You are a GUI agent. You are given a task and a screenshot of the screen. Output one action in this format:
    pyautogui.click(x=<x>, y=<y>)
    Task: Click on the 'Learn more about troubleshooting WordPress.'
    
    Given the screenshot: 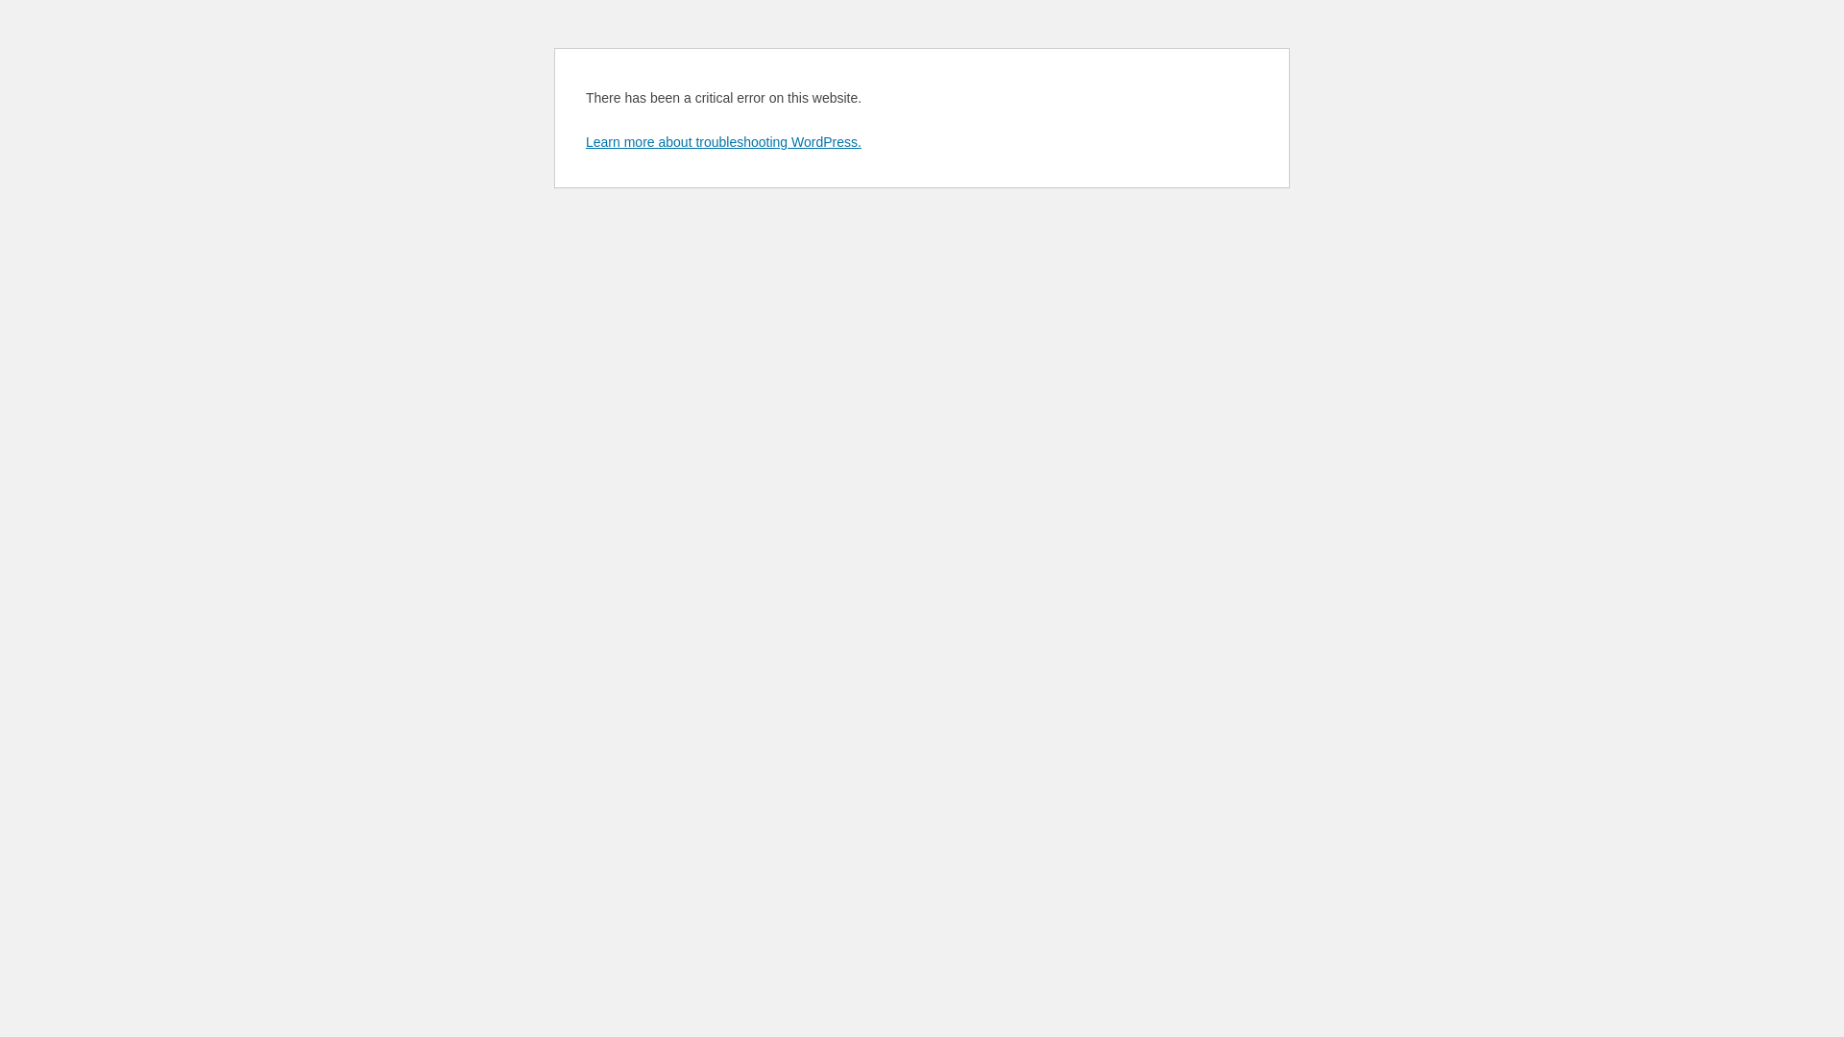 What is the action you would take?
    pyautogui.click(x=722, y=140)
    